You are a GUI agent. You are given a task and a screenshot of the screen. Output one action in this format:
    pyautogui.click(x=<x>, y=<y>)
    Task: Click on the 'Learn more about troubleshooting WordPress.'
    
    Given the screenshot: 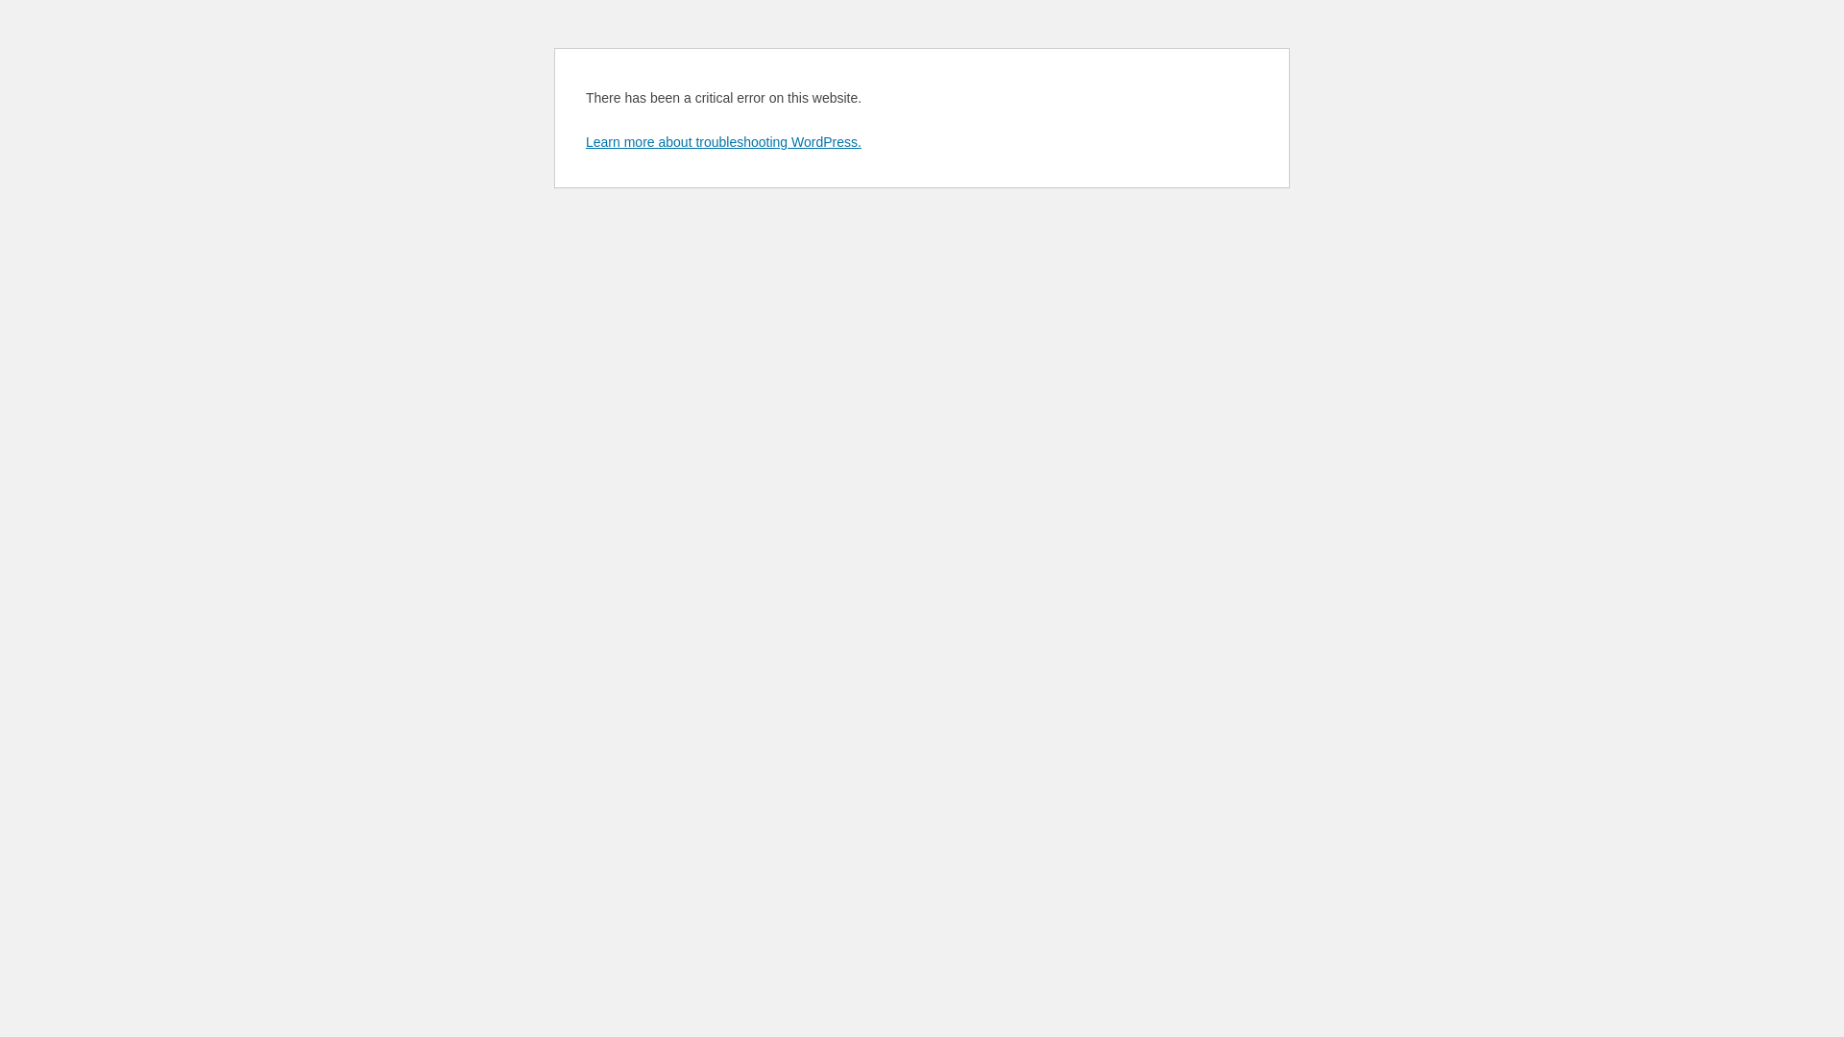 What is the action you would take?
    pyautogui.click(x=722, y=140)
    